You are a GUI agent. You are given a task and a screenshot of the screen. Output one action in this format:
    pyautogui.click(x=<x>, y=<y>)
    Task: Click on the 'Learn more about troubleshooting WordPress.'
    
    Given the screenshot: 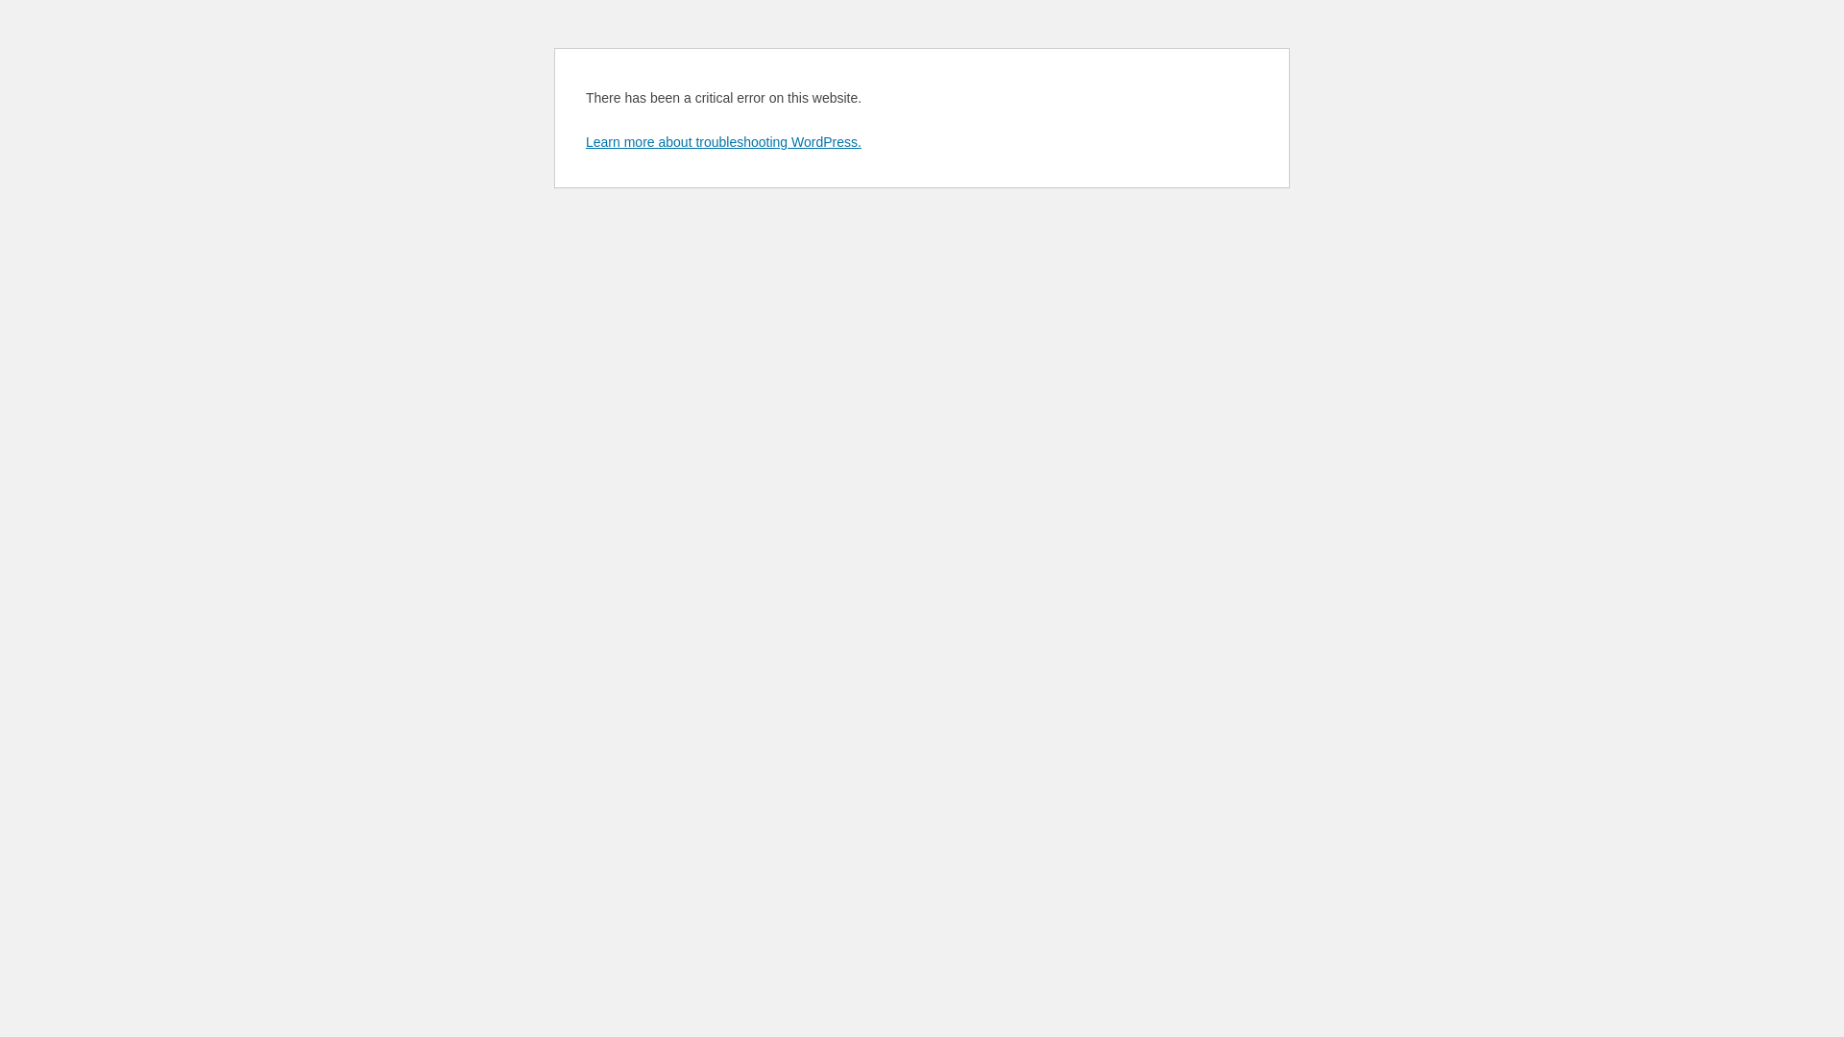 What is the action you would take?
    pyautogui.click(x=722, y=140)
    